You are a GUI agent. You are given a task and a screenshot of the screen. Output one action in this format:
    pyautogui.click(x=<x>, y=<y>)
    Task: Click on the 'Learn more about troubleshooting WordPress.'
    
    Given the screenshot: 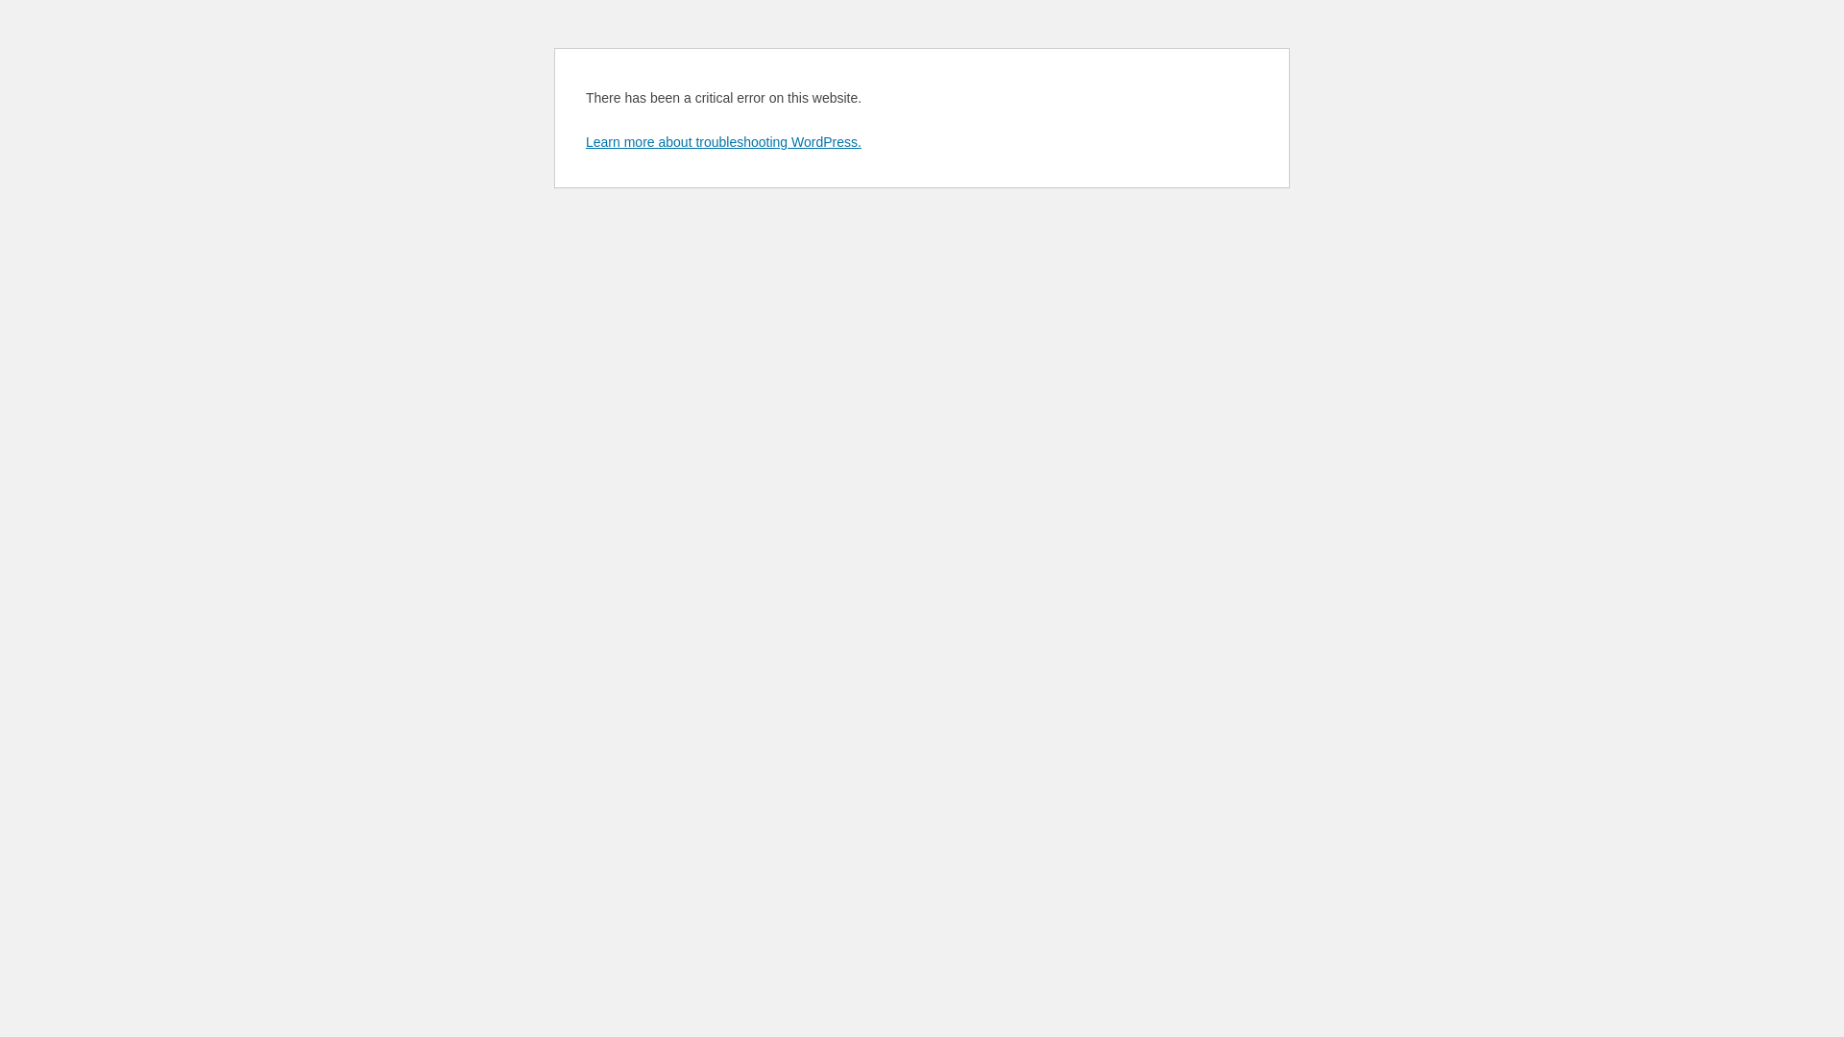 What is the action you would take?
    pyautogui.click(x=722, y=140)
    